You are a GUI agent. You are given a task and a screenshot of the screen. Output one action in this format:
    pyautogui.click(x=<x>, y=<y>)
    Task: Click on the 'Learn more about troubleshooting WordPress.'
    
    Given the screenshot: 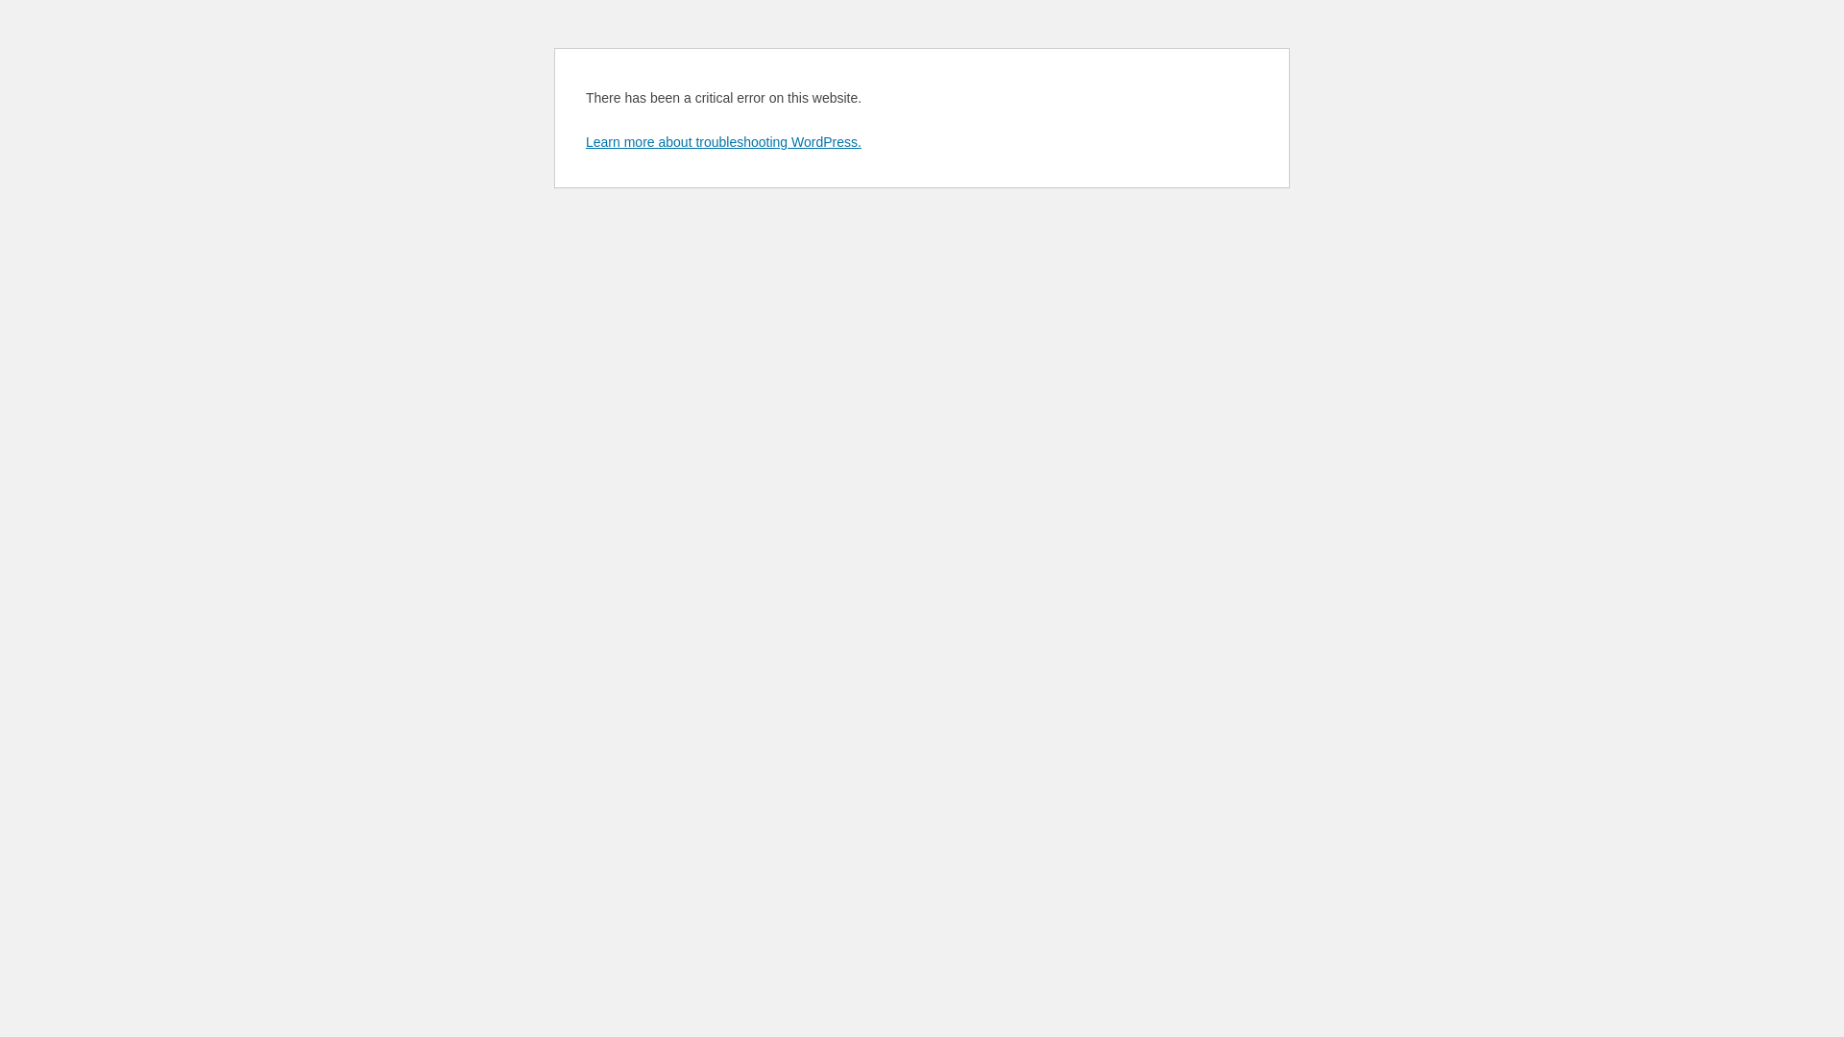 What is the action you would take?
    pyautogui.click(x=722, y=140)
    